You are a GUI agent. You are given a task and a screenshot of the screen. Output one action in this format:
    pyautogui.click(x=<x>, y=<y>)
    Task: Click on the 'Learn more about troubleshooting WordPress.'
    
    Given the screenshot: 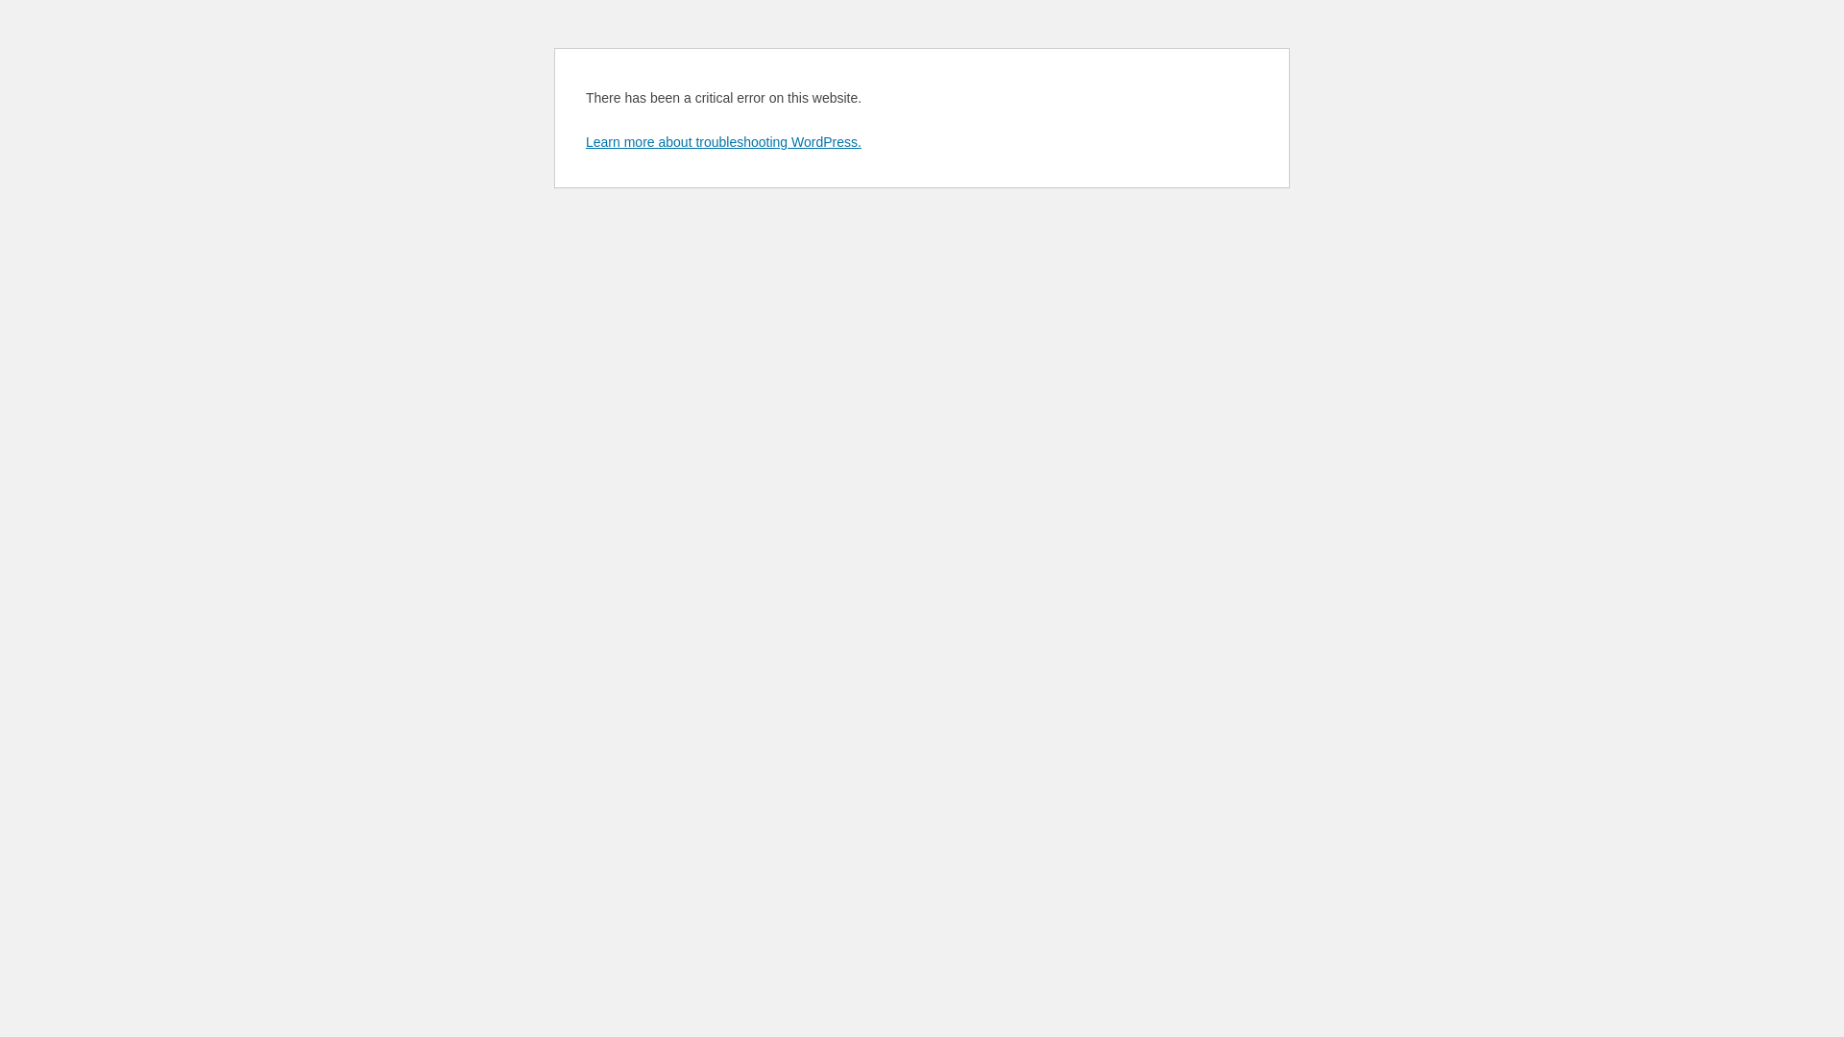 What is the action you would take?
    pyautogui.click(x=722, y=140)
    